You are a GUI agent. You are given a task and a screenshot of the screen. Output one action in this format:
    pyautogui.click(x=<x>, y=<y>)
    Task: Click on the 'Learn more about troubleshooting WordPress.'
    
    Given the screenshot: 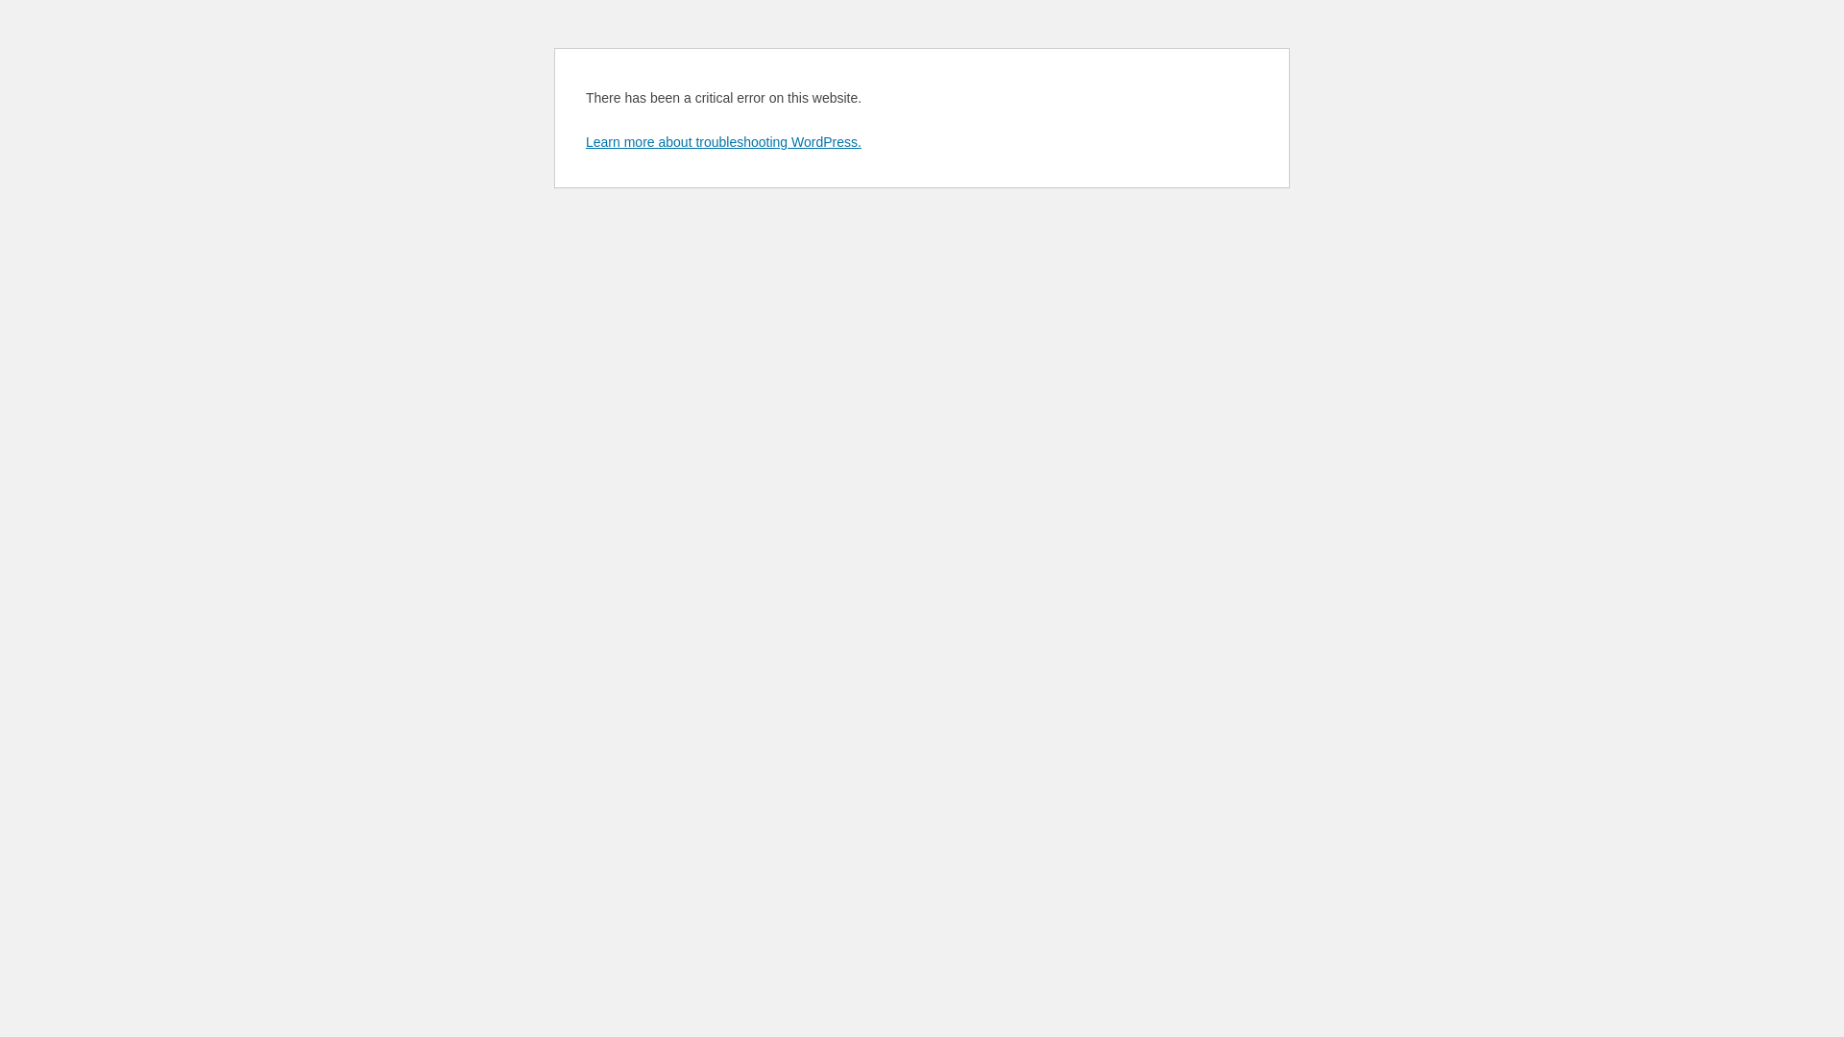 What is the action you would take?
    pyautogui.click(x=722, y=140)
    